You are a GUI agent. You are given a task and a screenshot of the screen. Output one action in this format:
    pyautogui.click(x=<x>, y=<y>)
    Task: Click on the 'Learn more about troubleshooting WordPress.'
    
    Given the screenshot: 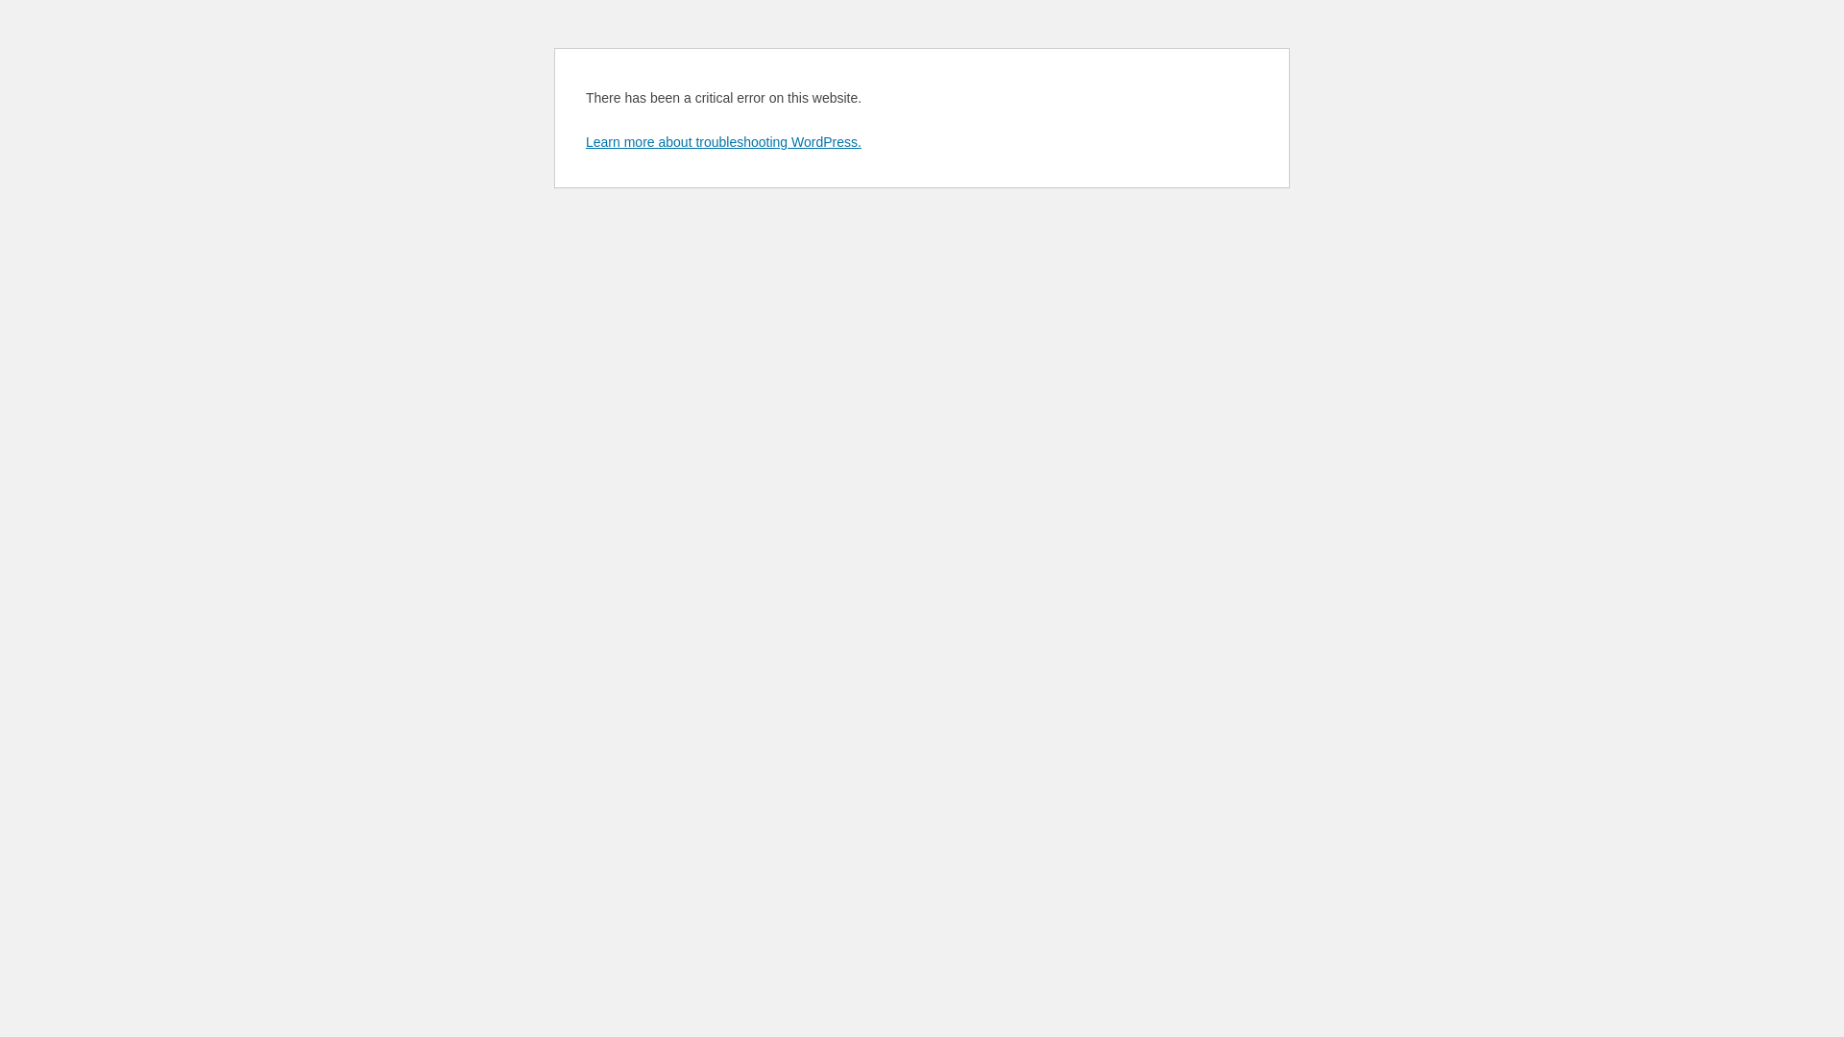 What is the action you would take?
    pyautogui.click(x=722, y=140)
    